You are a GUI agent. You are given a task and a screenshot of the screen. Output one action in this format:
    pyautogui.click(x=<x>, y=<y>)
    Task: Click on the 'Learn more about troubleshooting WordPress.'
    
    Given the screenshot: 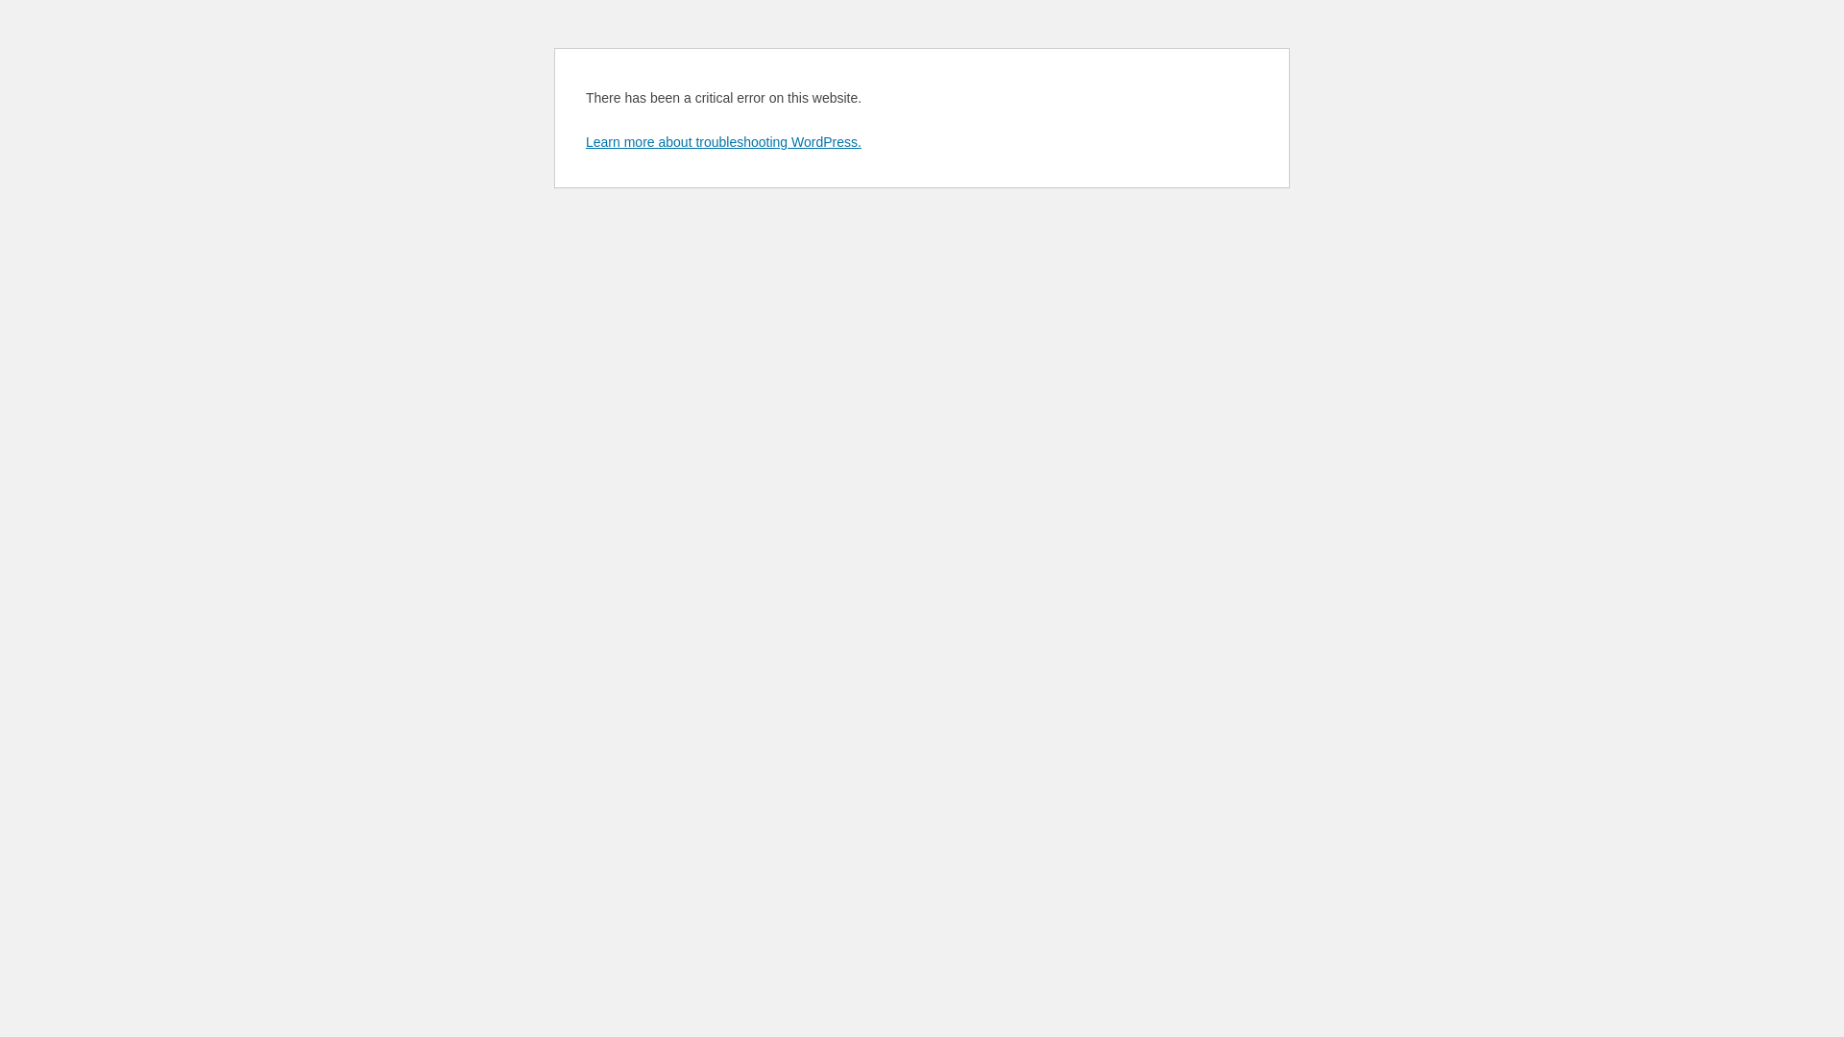 What is the action you would take?
    pyautogui.click(x=722, y=140)
    